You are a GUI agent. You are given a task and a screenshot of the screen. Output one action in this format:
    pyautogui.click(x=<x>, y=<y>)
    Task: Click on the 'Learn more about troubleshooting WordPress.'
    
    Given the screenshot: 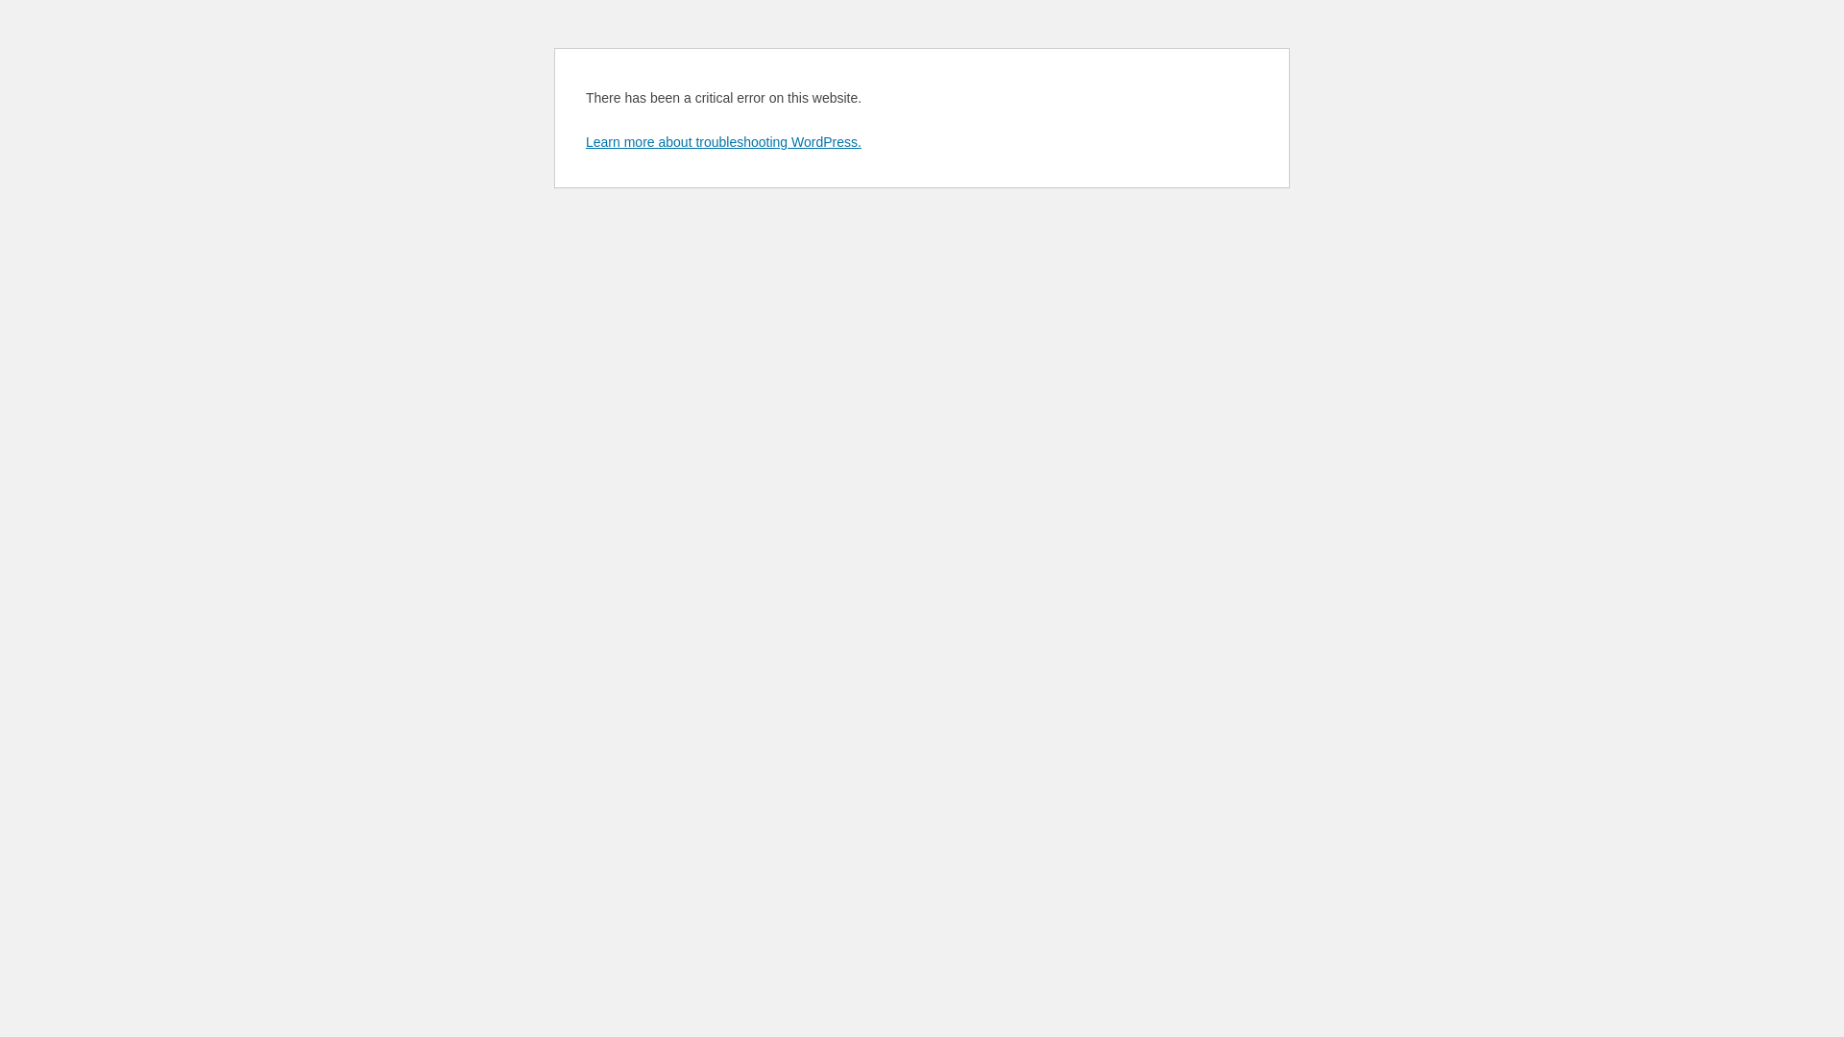 What is the action you would take?
    pyautogui.click(x=722, y=140)
    